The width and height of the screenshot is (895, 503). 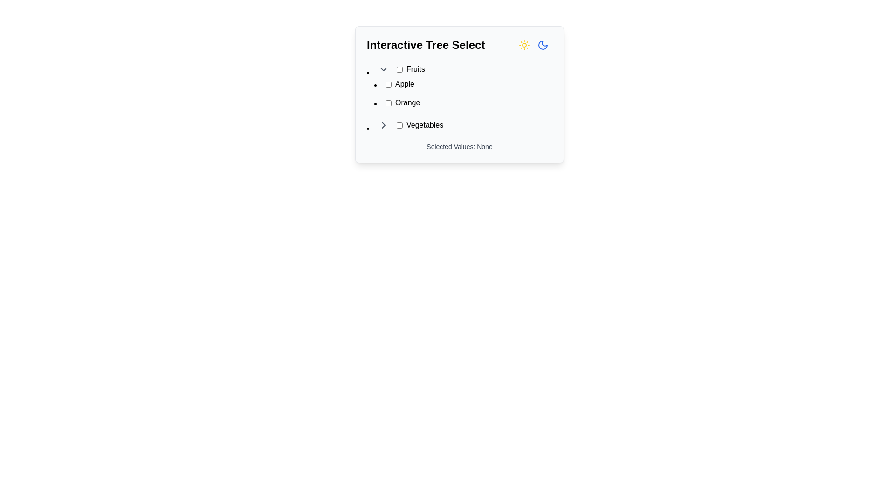 What do you see at coordinates (459, 102) in the screenshot?
I see `the checkbox labeled 'Orange' under the 'Fruits' category` at bounding box center [459, 102].